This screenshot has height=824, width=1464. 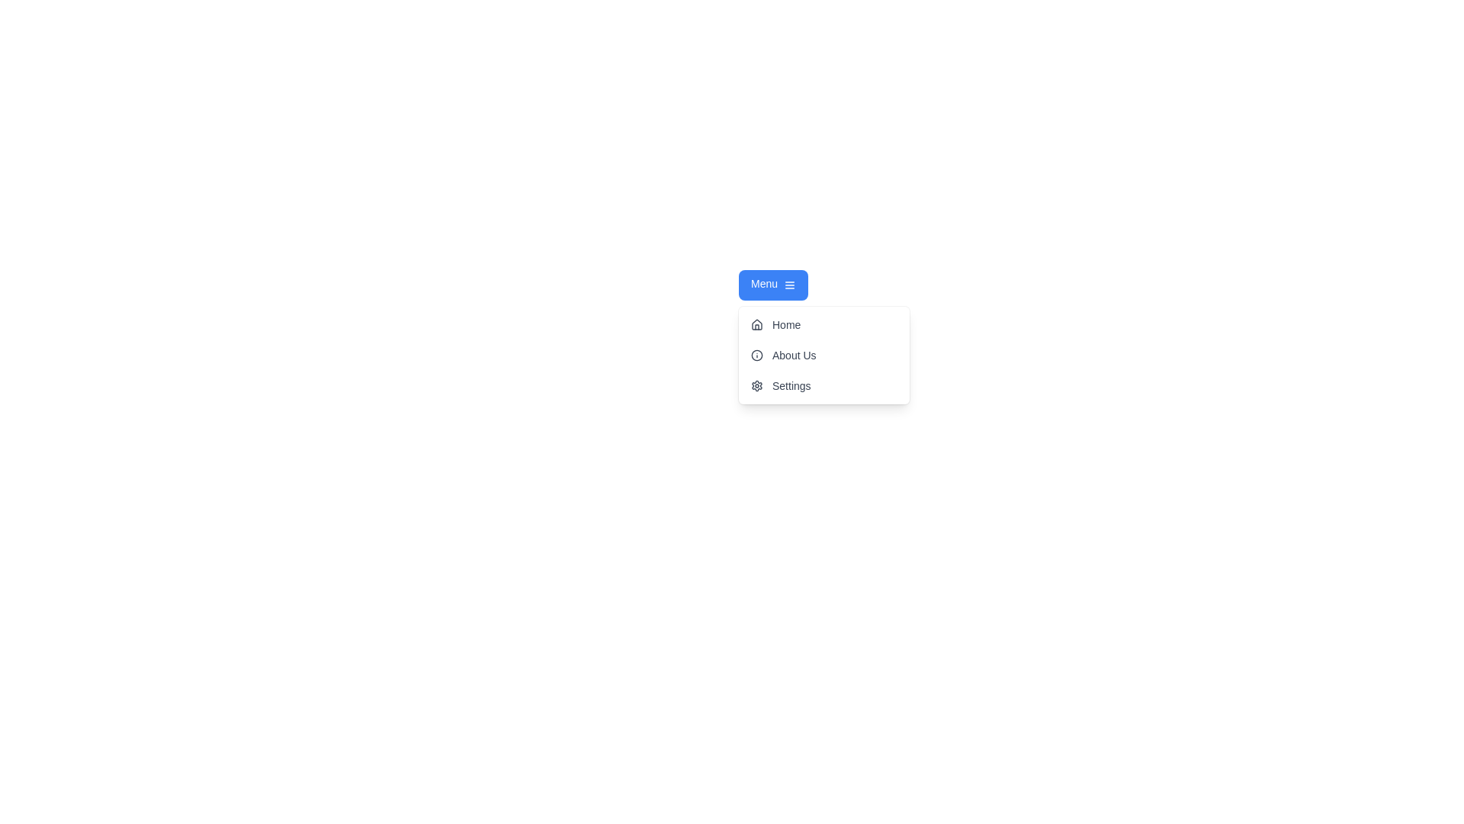 What do you see at coordinates (823, 356) in the screenshot?
I see `the second option in the dropdown menu located below the blue 'Menu' button` at bounding box center [823, 356].